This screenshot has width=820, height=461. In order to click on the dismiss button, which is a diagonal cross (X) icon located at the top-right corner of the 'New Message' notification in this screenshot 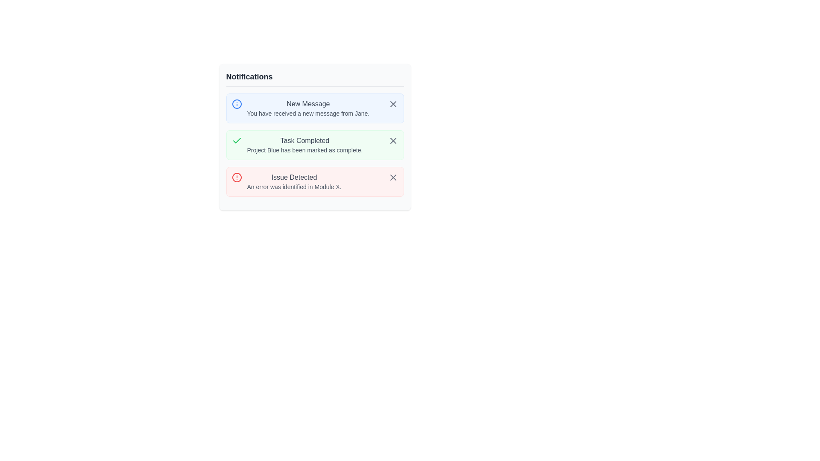, I will do `click(392, 103)`.